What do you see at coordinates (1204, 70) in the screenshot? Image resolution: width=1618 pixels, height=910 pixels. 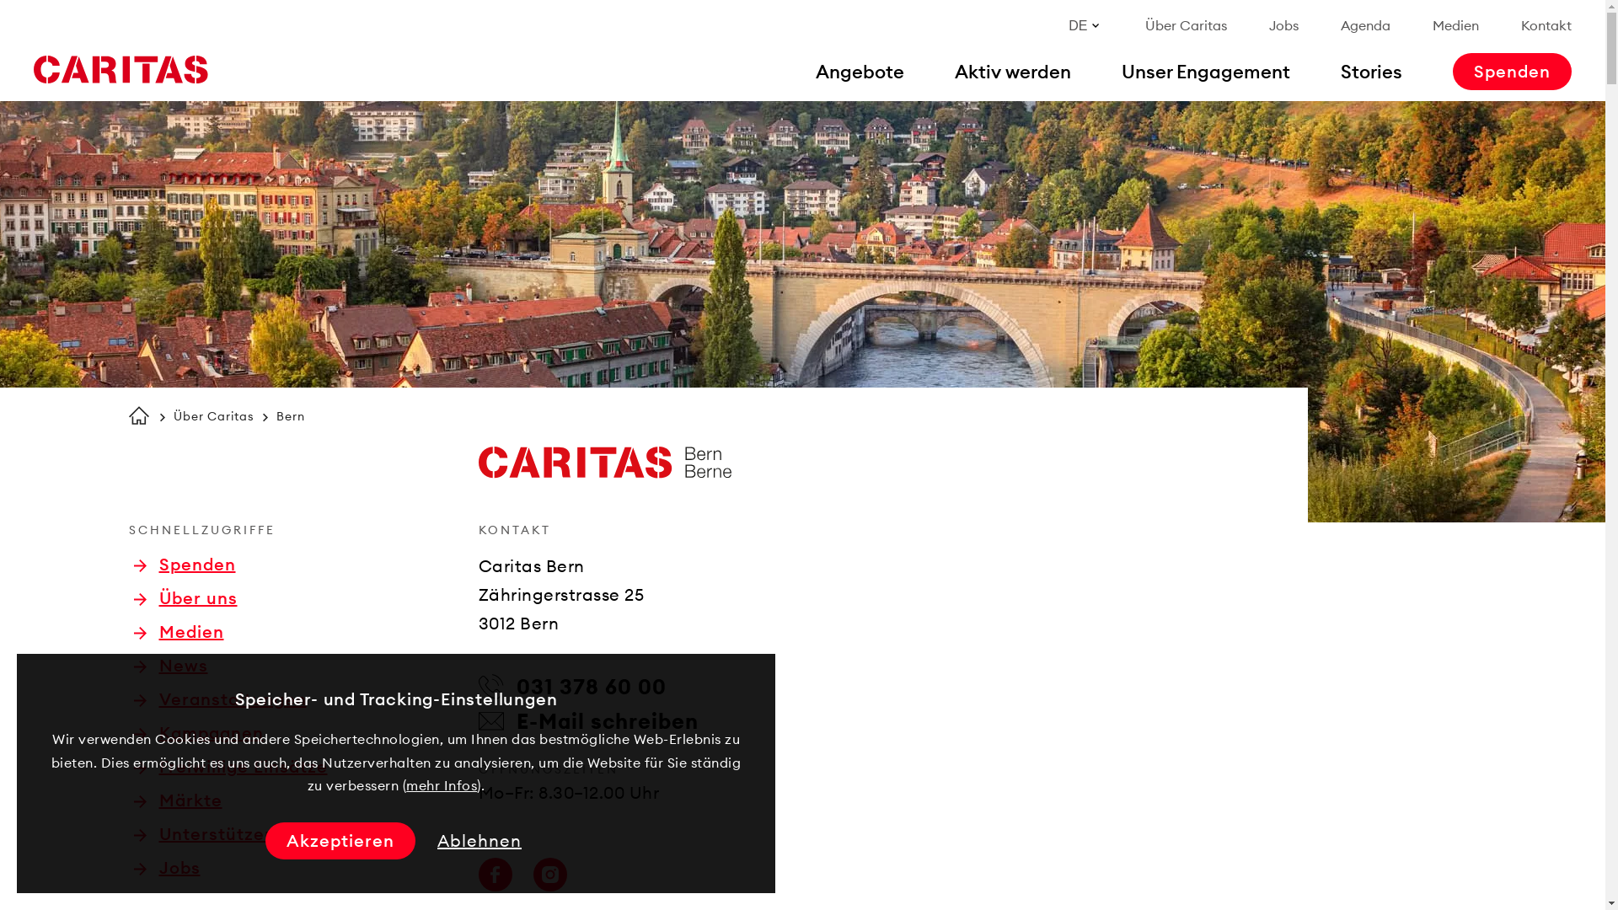 I see `'Unser Engagement'` at bounding box center [1204, 70].